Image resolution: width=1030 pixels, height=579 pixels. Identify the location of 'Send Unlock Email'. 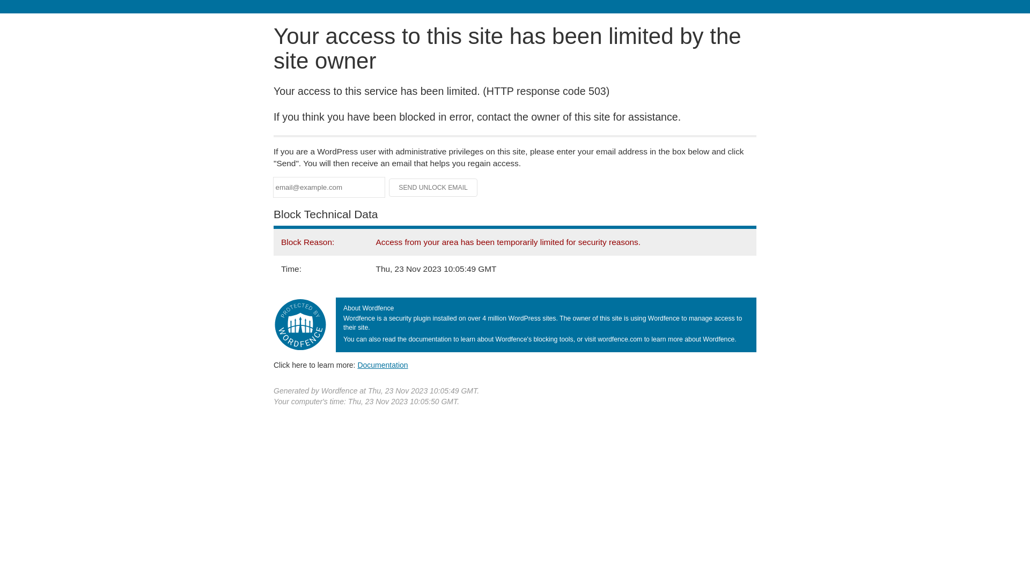
(433, 187).